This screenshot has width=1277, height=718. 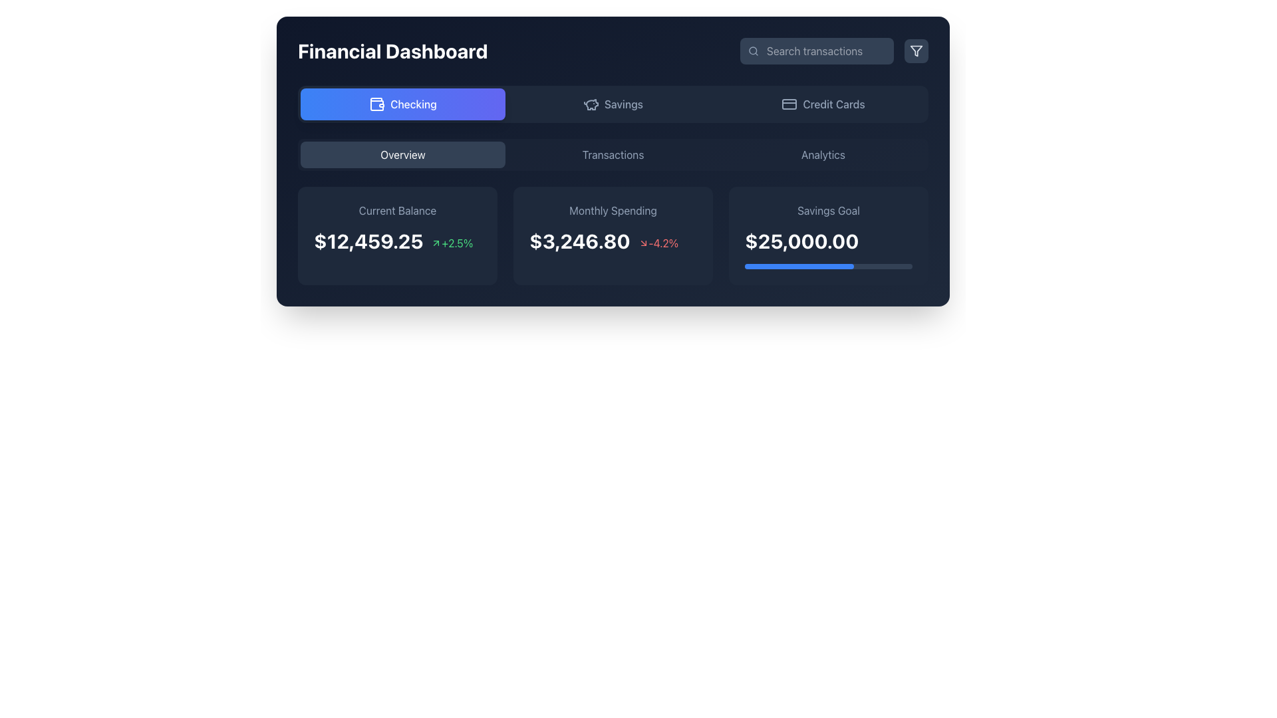 I want to click on the small circular magnifying glass icon located in the left section of the search bar in the top-right corner of the interface, so click(x=753, y=51).